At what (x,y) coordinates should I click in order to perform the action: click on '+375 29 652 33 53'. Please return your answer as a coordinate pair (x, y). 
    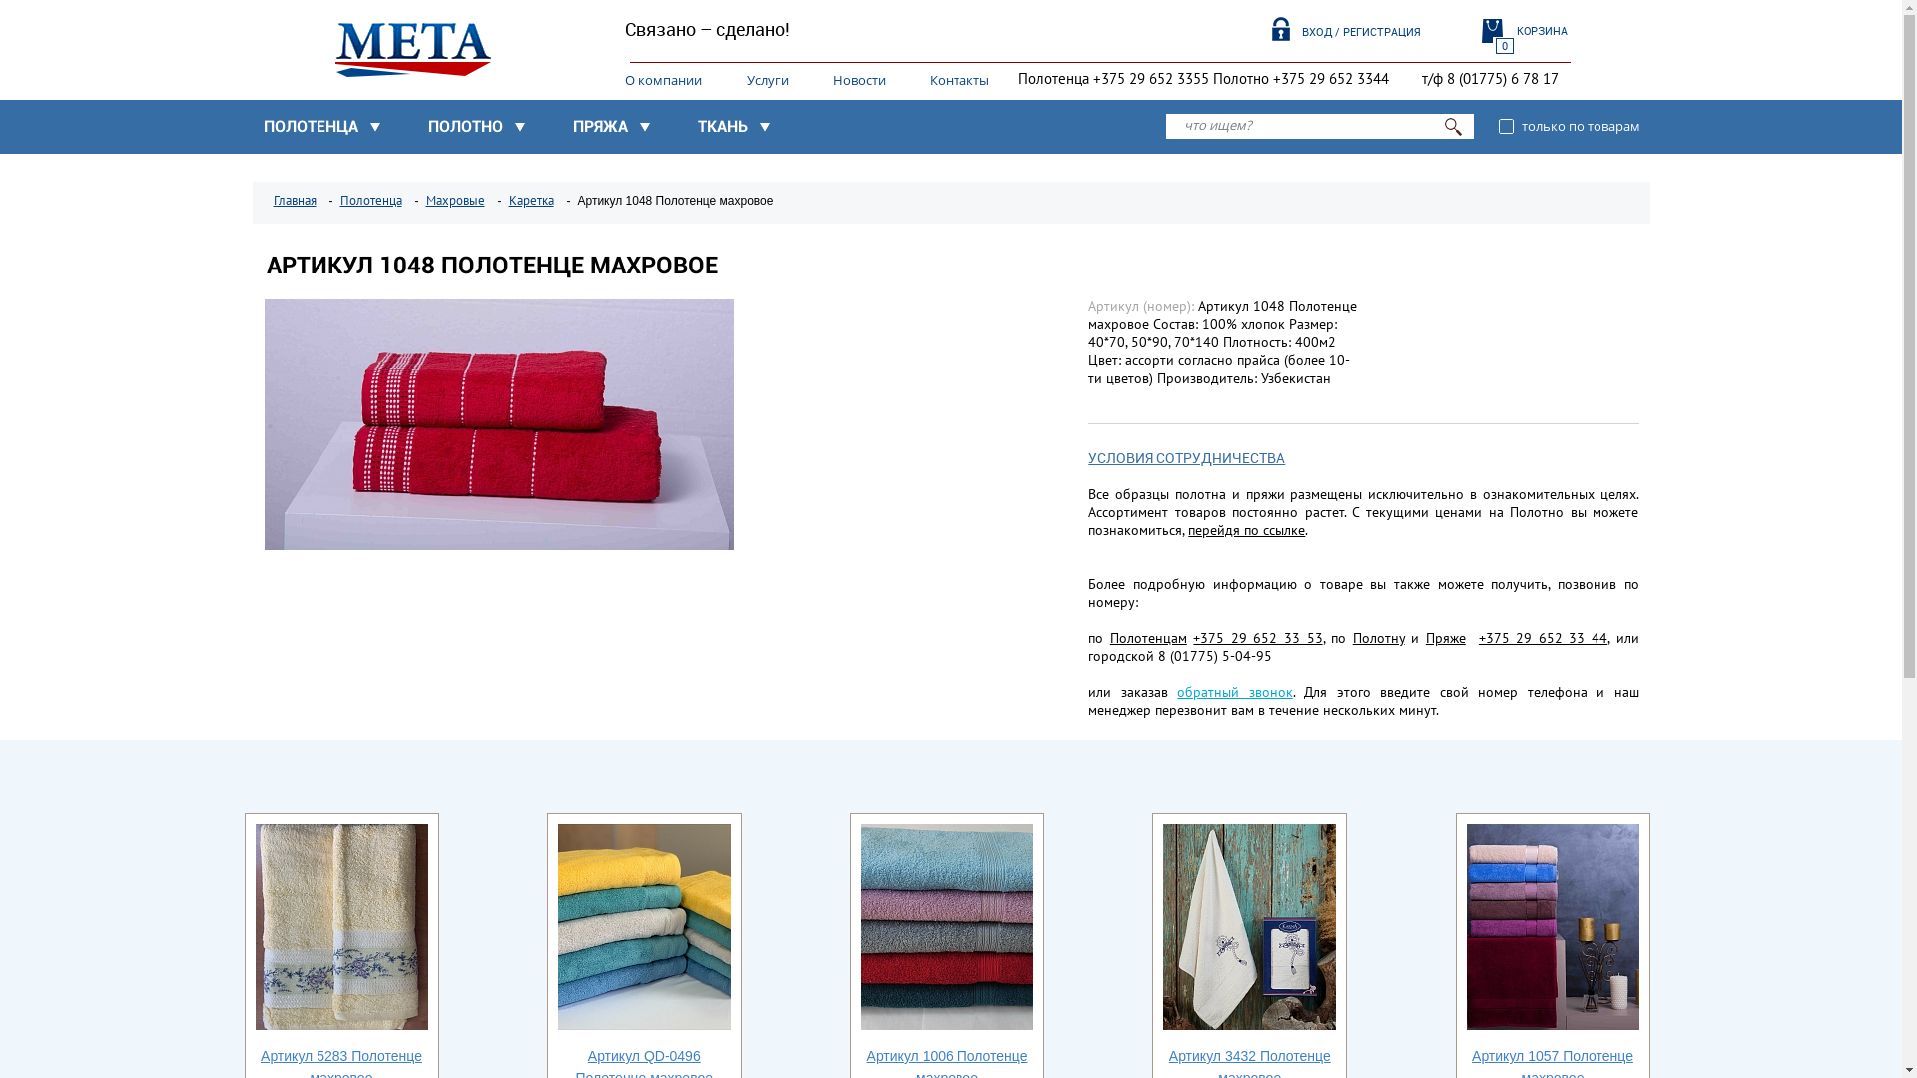
    Looking at the image, I should click on (1193, 638).